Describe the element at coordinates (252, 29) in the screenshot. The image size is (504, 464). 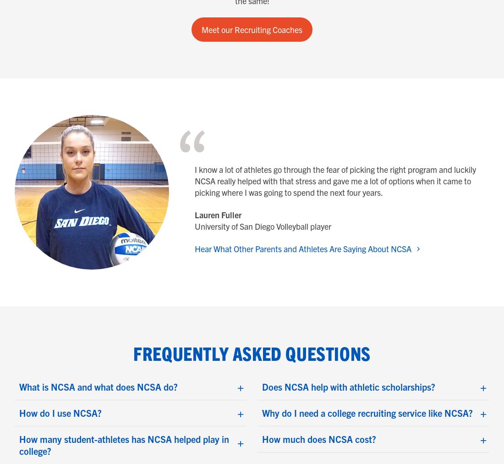
I see `'Meet our Recruiting Coaches'` at that location.